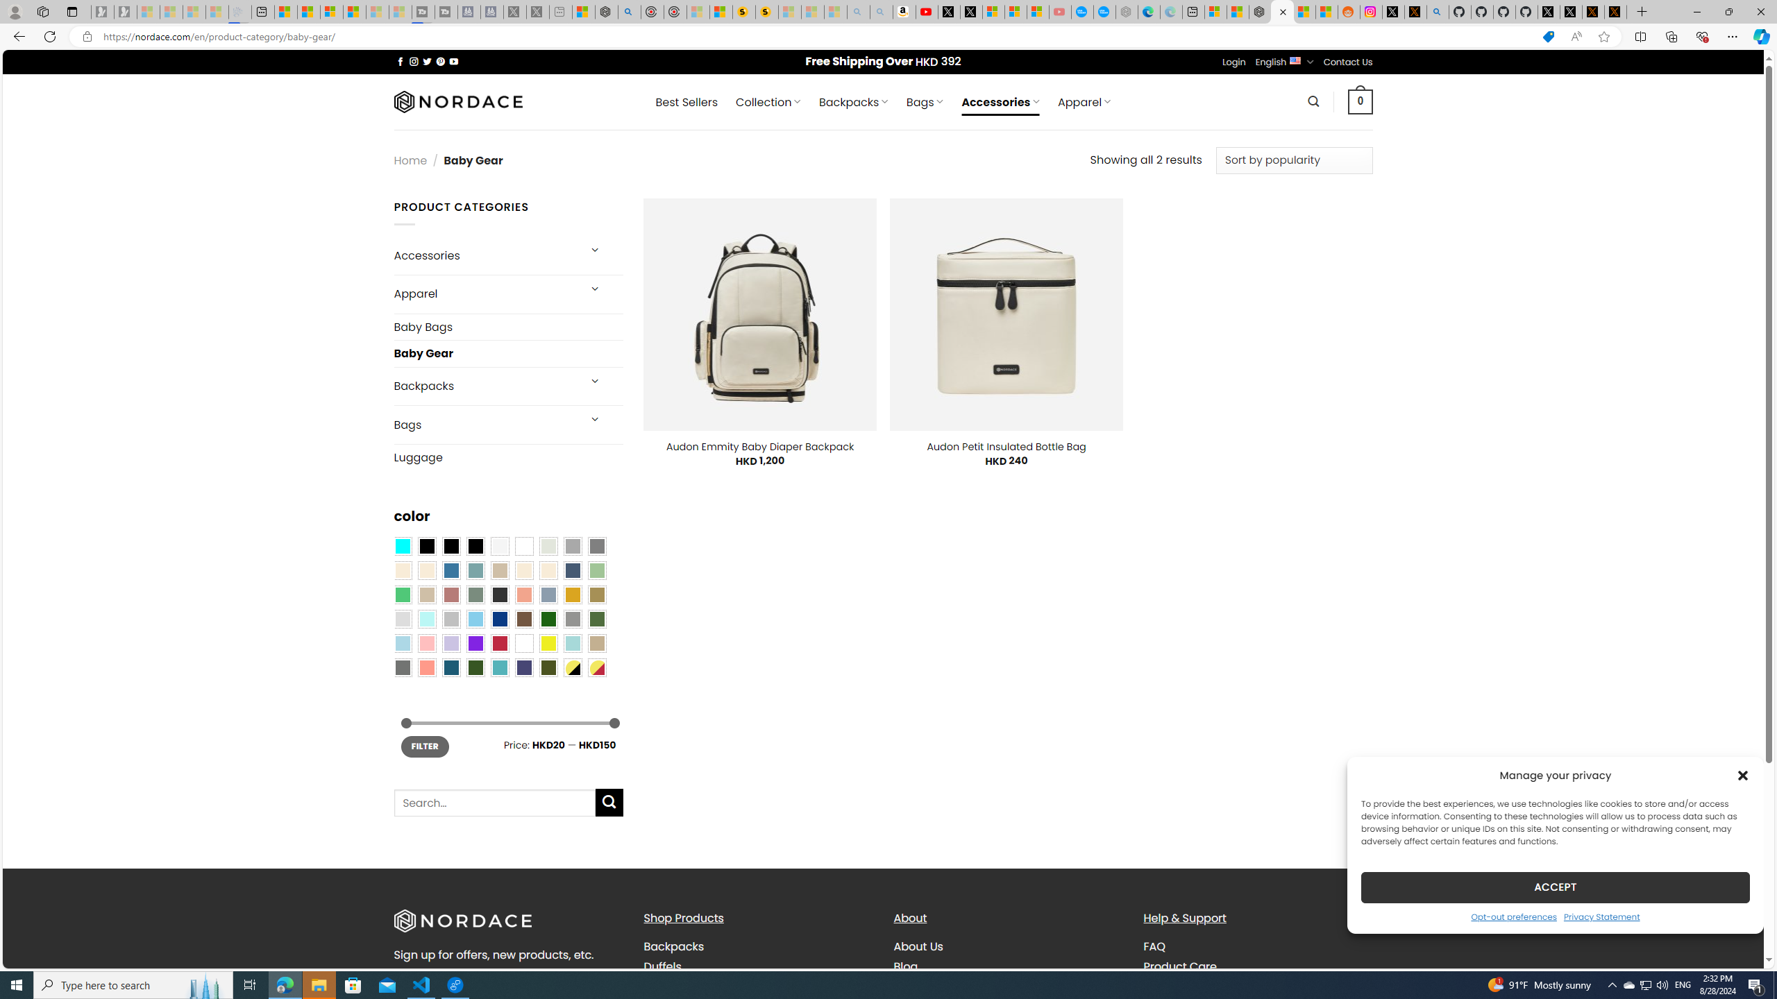  Describe the element at coordinates (629, 11) in the screenshot. I see `'poe - Search'` at that location.